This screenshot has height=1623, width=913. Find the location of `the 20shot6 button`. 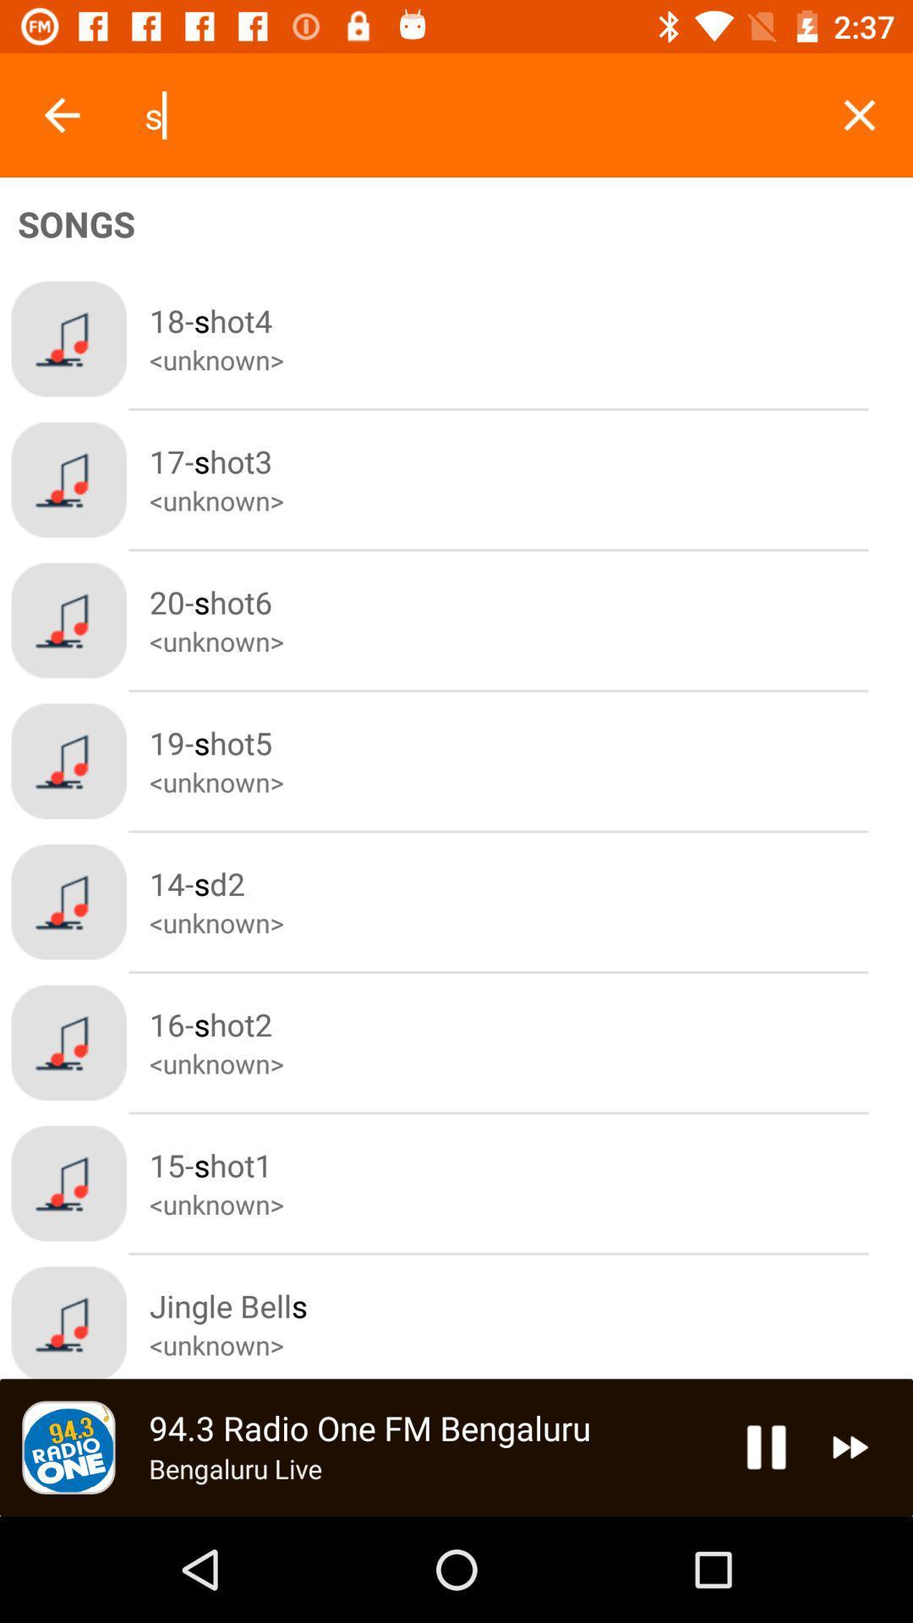

the 20shot6 button is located at coordinates (530, 620).